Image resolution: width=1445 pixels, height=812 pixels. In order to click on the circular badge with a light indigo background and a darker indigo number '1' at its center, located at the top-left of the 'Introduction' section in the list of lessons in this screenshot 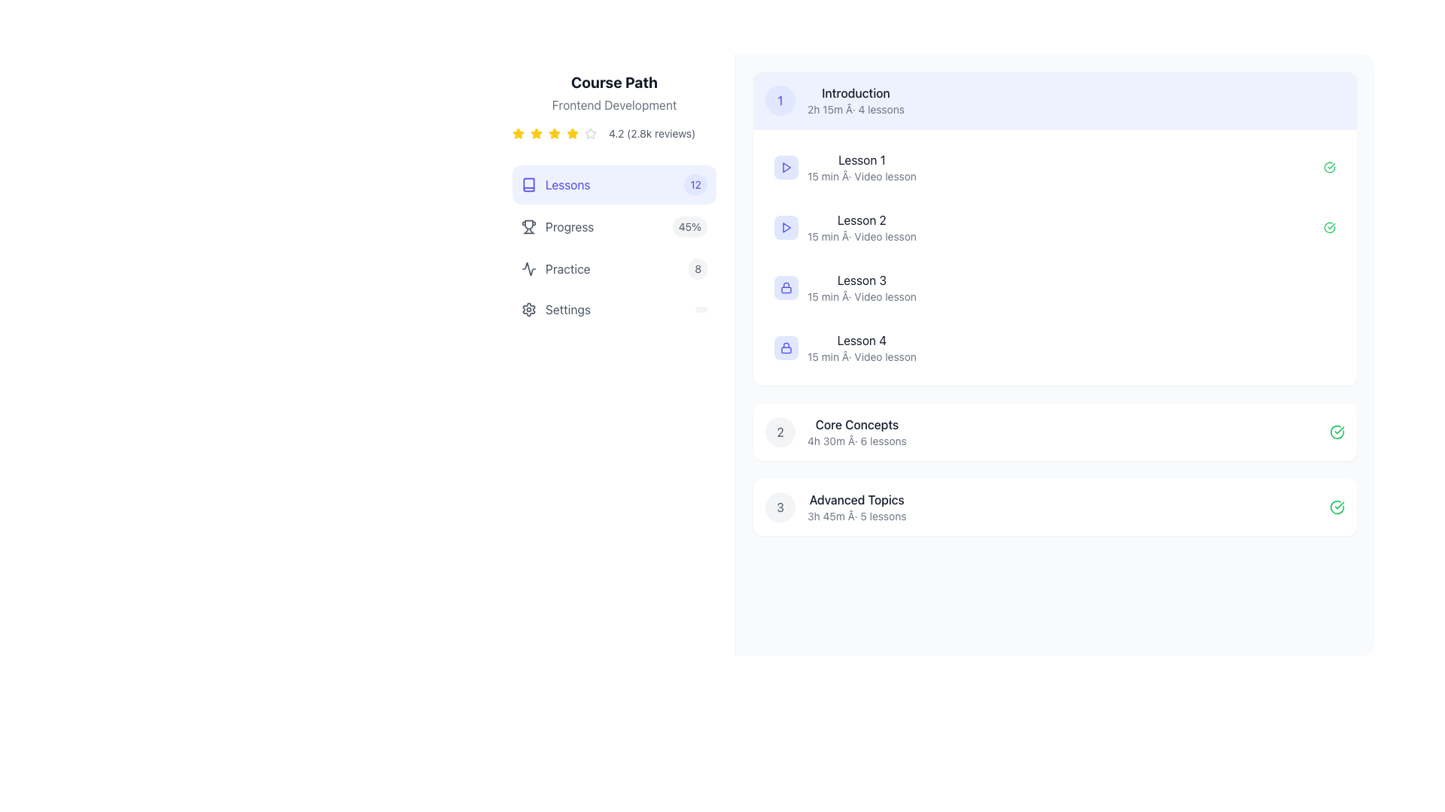, I will do `click(780, 101)`.